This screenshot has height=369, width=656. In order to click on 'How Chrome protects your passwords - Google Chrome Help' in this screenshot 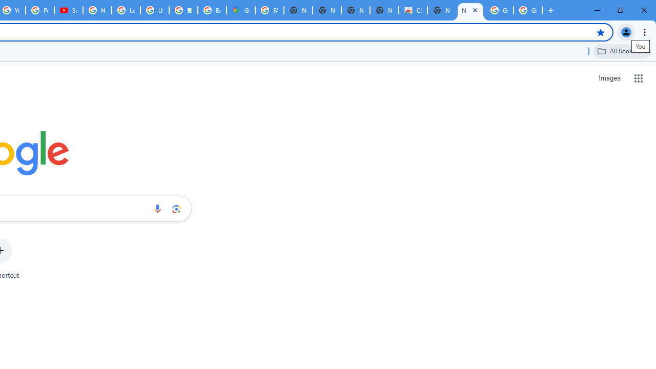, I will do `click(97, 10)`.